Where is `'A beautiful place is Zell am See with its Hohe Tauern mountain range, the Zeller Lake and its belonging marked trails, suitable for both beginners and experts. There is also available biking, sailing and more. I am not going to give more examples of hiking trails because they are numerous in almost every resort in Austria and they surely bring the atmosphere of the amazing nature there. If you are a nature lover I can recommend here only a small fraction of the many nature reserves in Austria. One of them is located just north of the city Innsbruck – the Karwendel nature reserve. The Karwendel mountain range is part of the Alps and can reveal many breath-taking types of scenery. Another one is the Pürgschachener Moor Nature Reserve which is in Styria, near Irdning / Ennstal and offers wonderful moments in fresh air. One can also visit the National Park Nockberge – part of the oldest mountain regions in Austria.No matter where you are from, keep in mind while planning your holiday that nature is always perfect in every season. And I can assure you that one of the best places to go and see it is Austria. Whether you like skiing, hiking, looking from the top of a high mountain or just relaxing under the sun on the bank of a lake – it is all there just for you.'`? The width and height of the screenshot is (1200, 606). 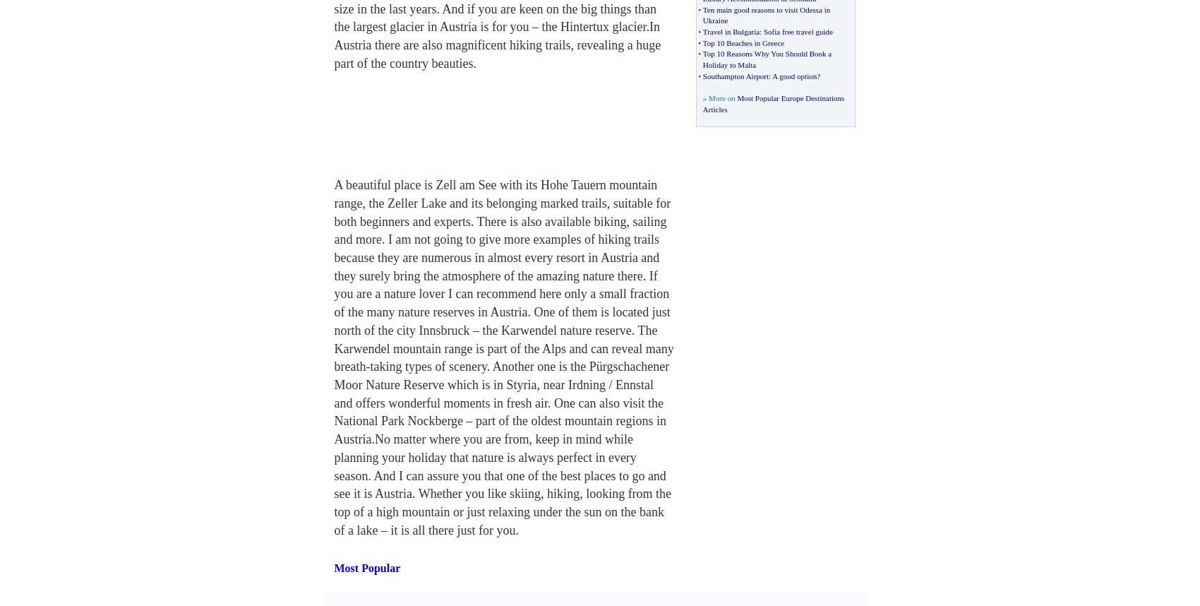
'A beautiful place is Zell am See with its Hohe Tauern mountain range, the Zeller Lake and its belonging marked trails, suitable for both beginners and experts. There is also available biking, sailing and more. I am not going to give more examples of hiking trails because they are numerous in almost every resort in Austria and they surely bring the atmosphere of the amazing nature there. If you are a nature lover I can recommend here only a small fraction of the many nature reserves in Austria. One of them is located just north of the city Innsbruck – the Karwendel nature reserve. The Karwendel mountain range is part of the Alps and can reveal many breath-taking types of scenery. Another one is the Pürgschachener Moor Nature Reserve which is in Styria, near Irdning / Ennstal and offers wonderful moments in fresh air. One can also visit the National Park Nockberge – part of the oldest mountain regions in Austria.No matter where you are from, keep in mind while planning your holiday that nature is always perfect in every season. And I can assure you that one of the best places to go and see it is Austria. Whether you like skiing, hiking, looking from the top of a high mountain or just relaxing under the sun on the bank of a lake – it is all there just for you.' is located at coordinates (503, 356).